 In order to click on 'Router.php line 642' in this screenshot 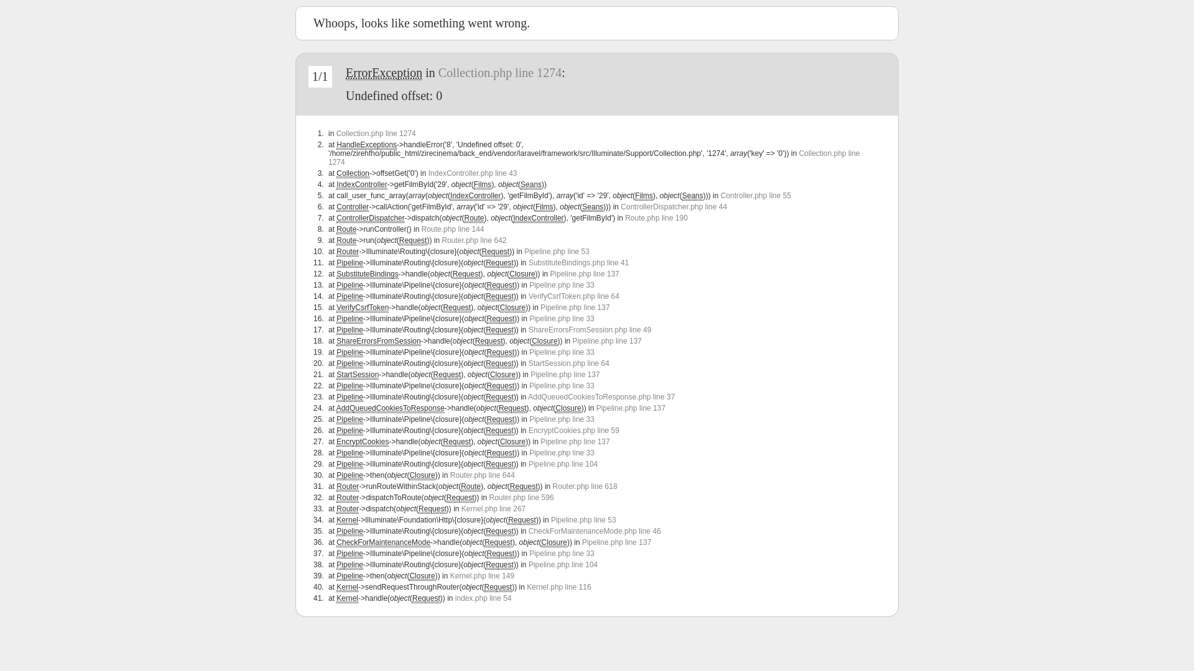, I will do `click(473, 240)`.